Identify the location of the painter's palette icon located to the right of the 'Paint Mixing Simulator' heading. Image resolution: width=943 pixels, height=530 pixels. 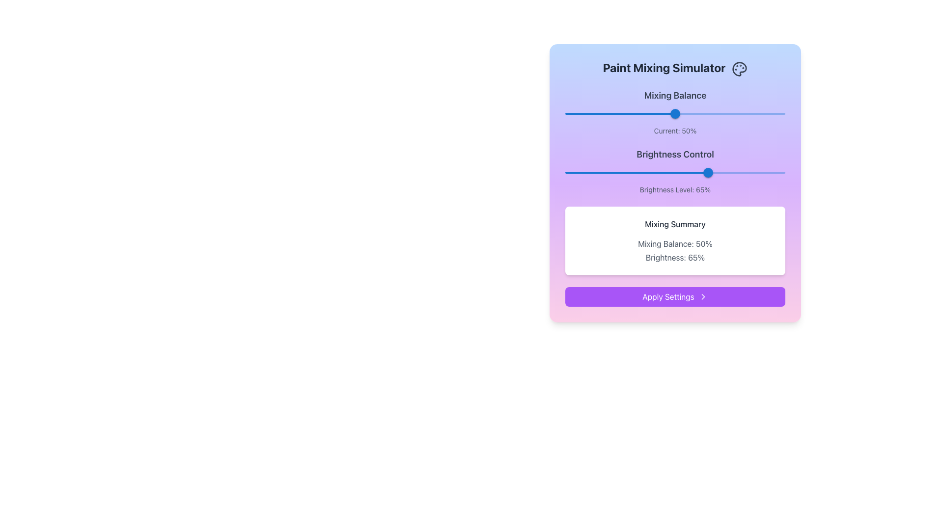
(740, 68).